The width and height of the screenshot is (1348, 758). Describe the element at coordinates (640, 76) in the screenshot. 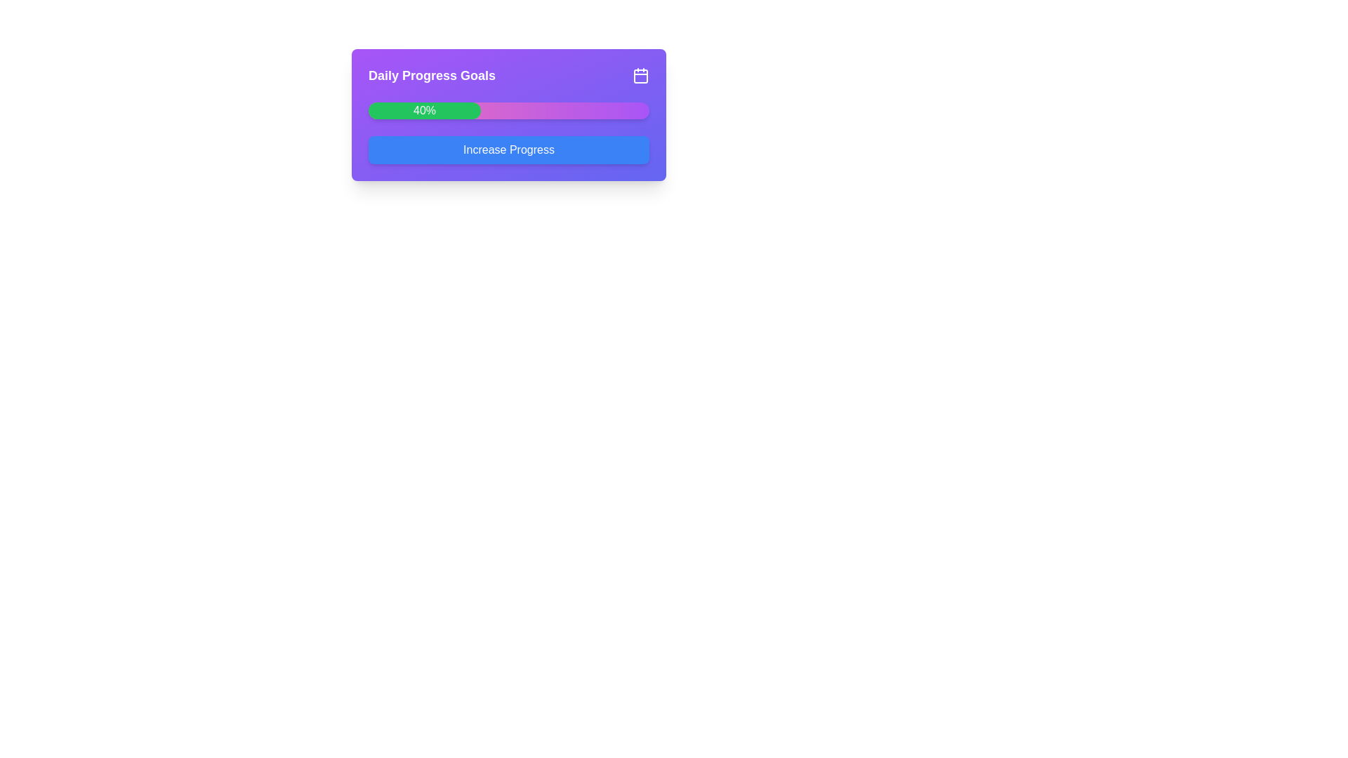

I see `the main body of the calendar icon, which is a rounded rectangle located in the top-right corner of the 'Daily Progress Goals' card` at that location.